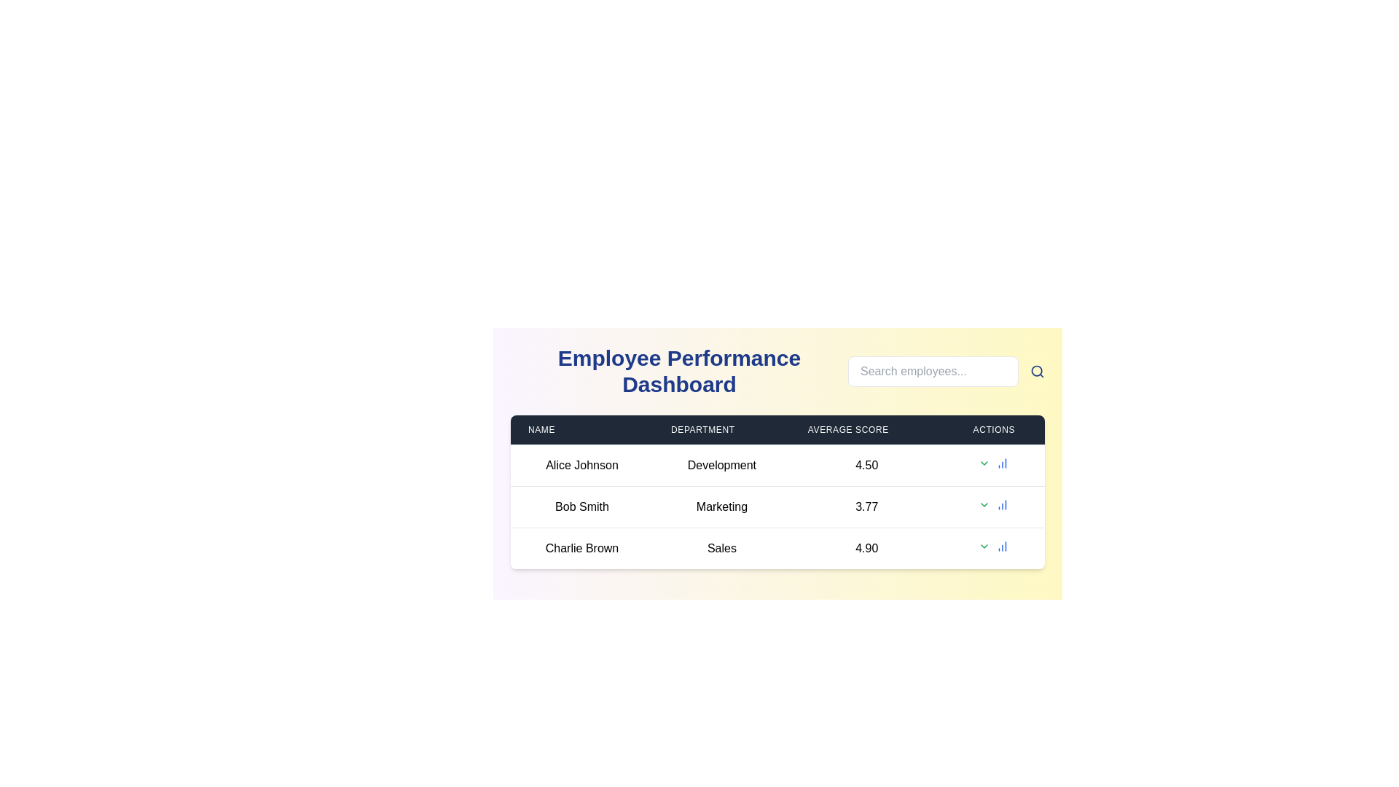 The height and width of the screenshot is (787, 1399). Describe the element at coordinates (721, 506) in the screenshot. I see `the 'Marketing' text label located in the second column of the row labeled 'Bob Smith' under the 'DEPARTMENT' header` at that location.